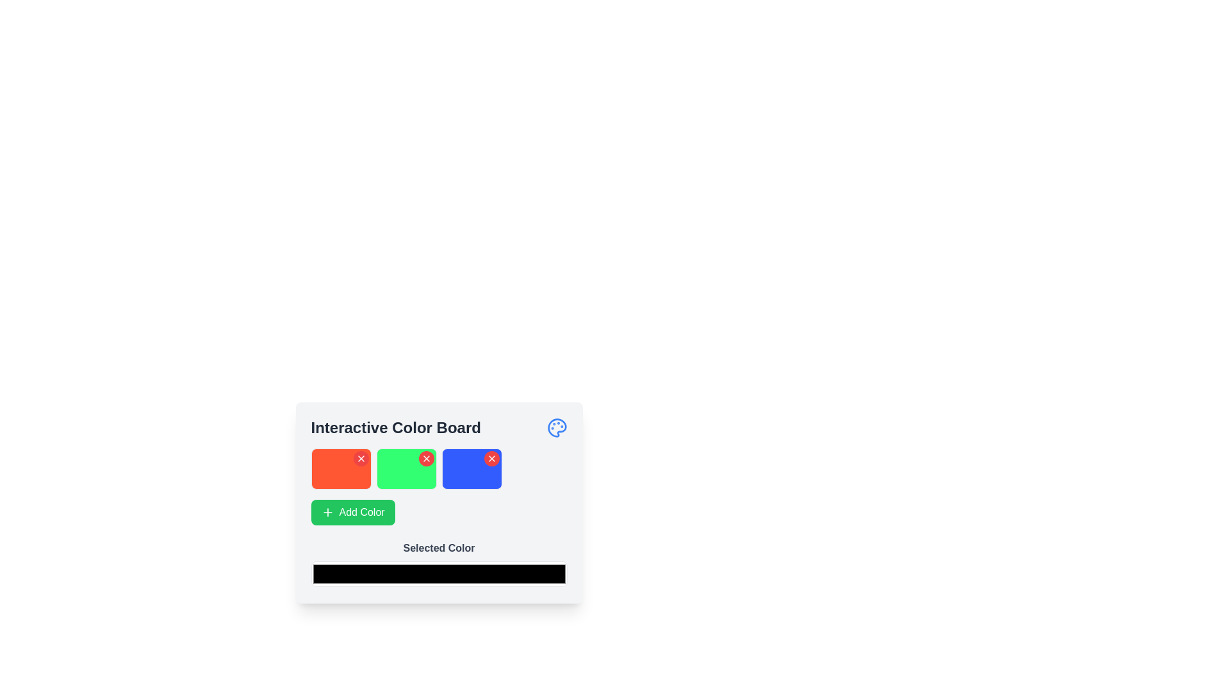  I want to click on the text label within the green button that allows users to add a new color to the interface, located below three color boxes, so click(361, 511).